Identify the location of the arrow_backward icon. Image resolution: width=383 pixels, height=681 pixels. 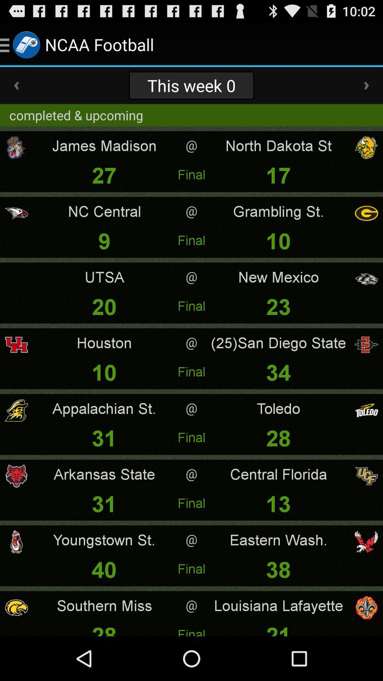
(16, 91).